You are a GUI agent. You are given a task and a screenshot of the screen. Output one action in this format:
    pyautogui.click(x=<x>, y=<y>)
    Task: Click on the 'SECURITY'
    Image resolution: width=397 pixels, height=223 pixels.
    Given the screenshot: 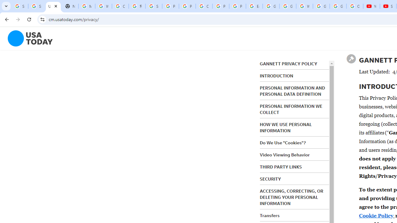 What is the action you would take?
    pyautogui.click(x=270, y=179)
    